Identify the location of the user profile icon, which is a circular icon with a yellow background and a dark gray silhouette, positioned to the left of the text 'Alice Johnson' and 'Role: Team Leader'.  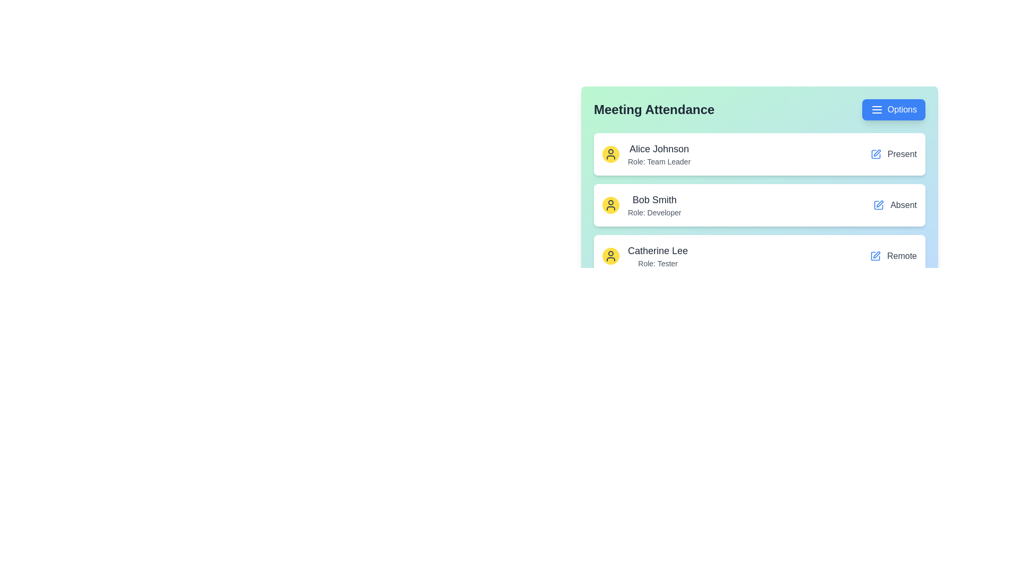
(611, 154).